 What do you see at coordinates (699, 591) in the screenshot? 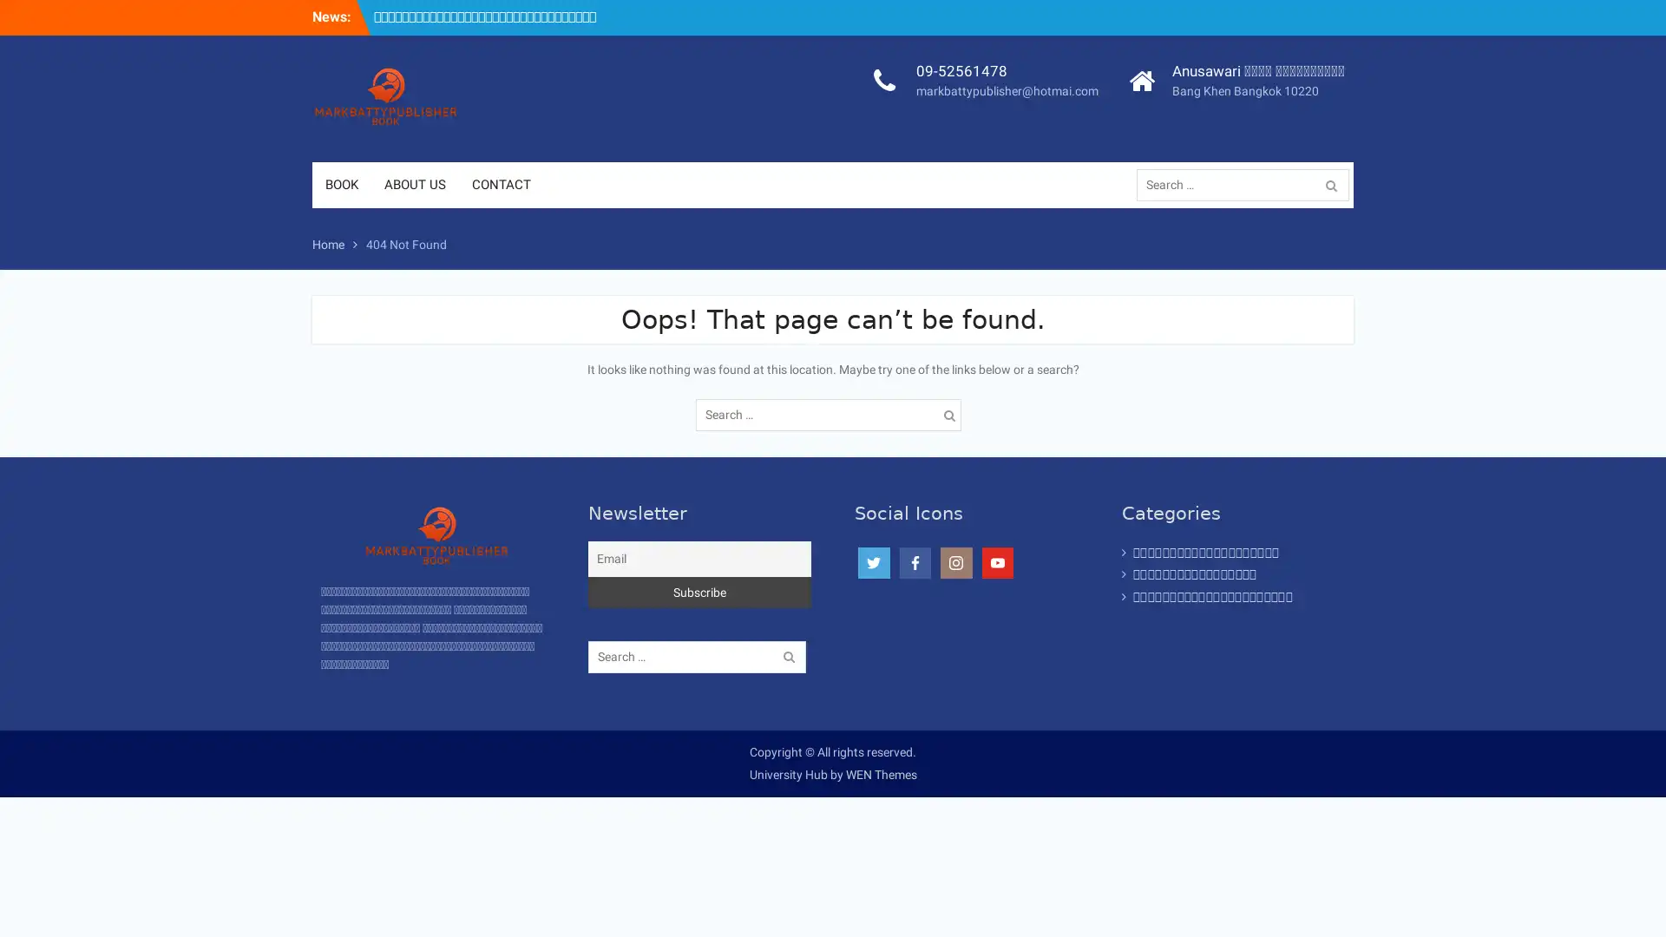
I see `Subscribe` at bounding box center [699, 591].